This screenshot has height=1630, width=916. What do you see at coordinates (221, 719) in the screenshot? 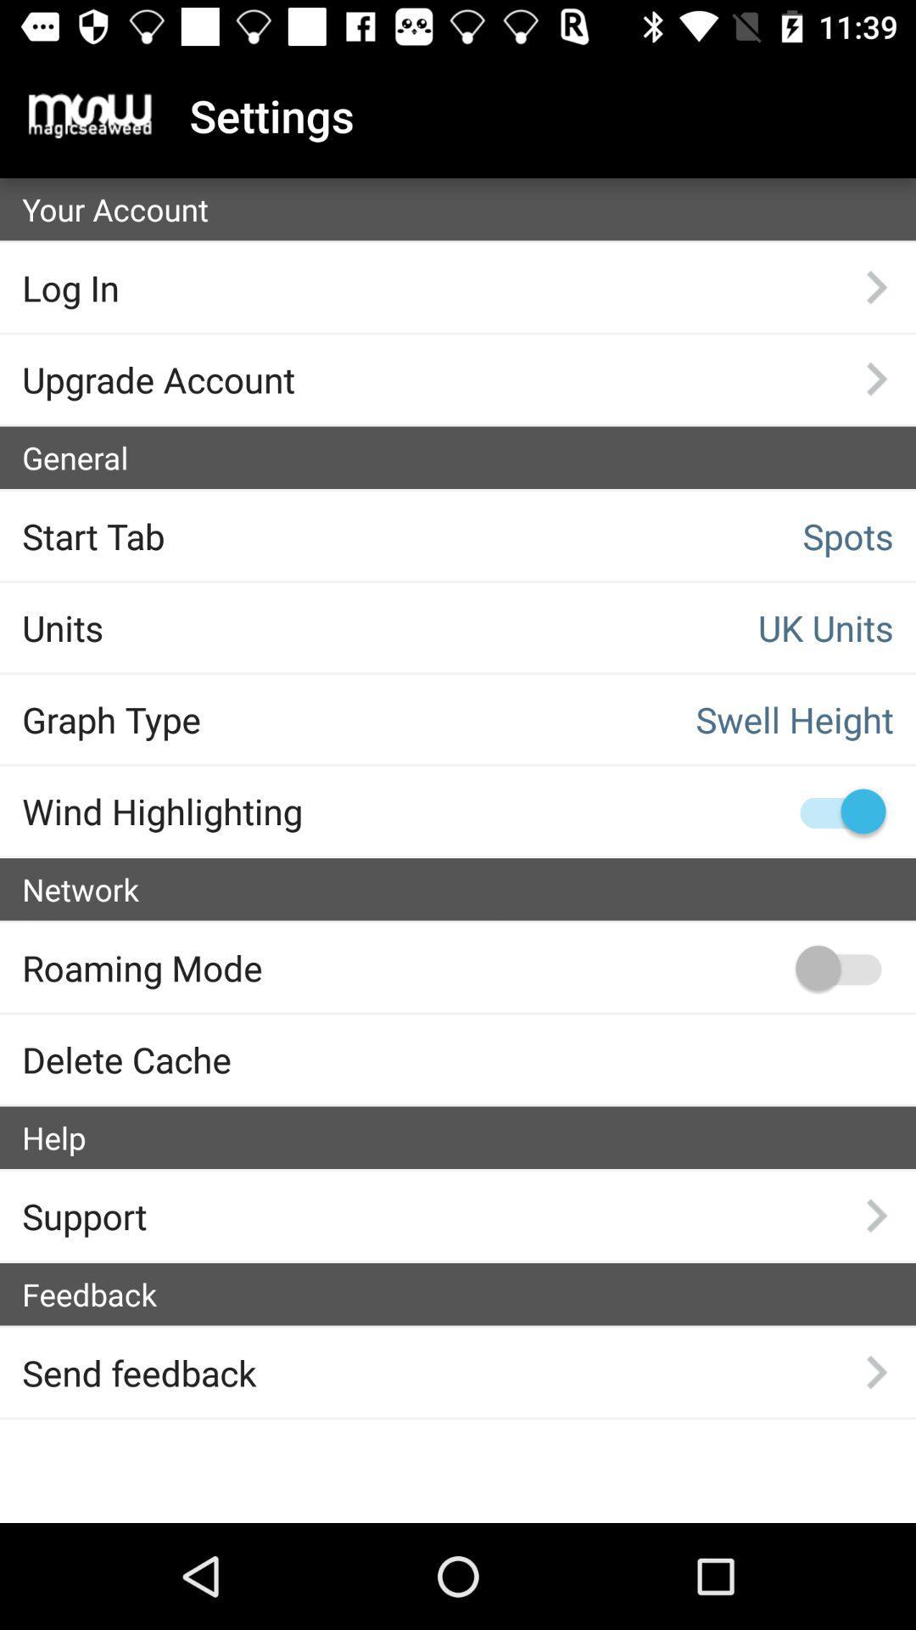
I see `the graph type below units` at bounding box center [221, 719].